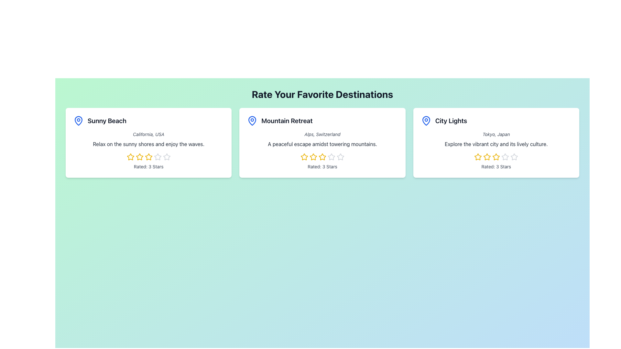  What do you see at coordinates (130, 157) in the screenshot?
I see `the second star in the rating system located in the 'Sunny Beach' card to rate it` at bounding box center [130, 157].